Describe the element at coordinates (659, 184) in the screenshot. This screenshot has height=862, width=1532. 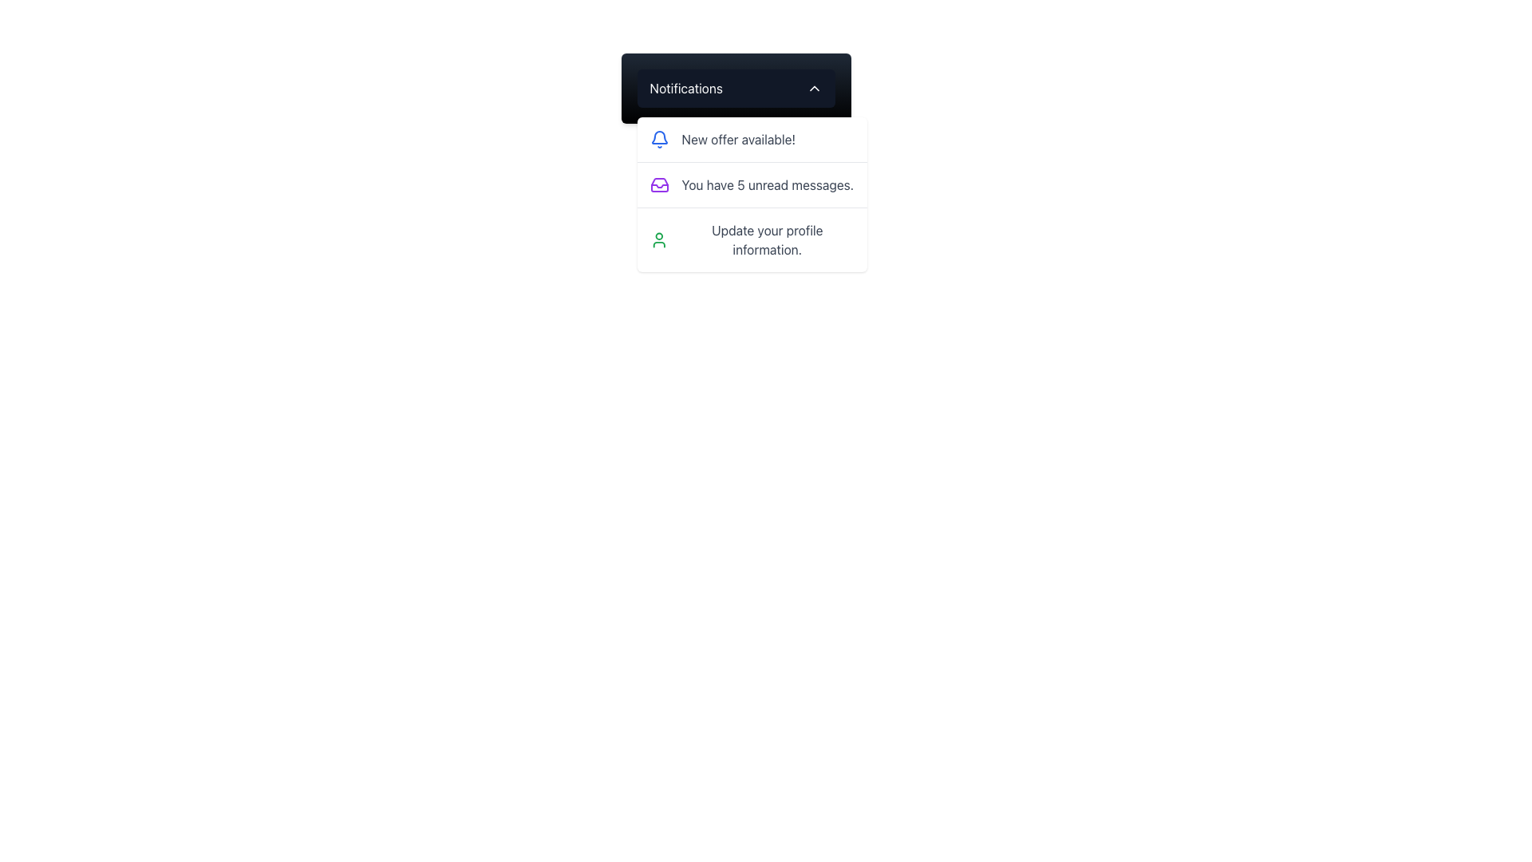
I see `the purple mail inbox icon located to the left of the text 'You have 5 unread messages.' in the notification dropdown` at that location.